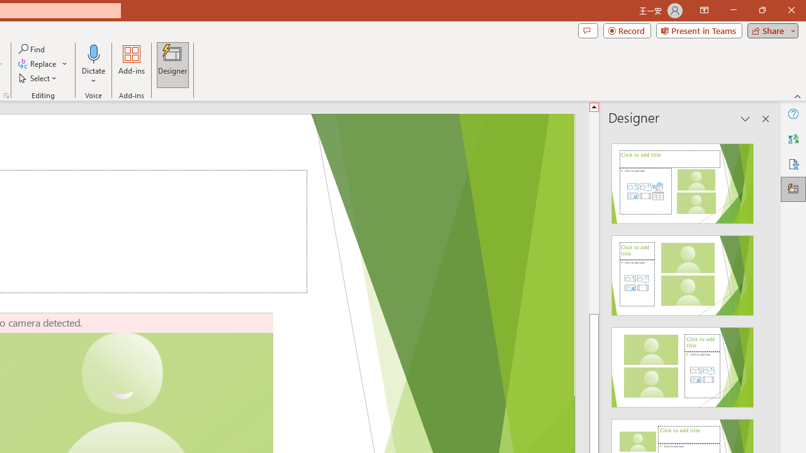 The height and width of the screenshot is (453, 806). I want to click on 'Recommended Design: Design Idea', so click(682, 180).